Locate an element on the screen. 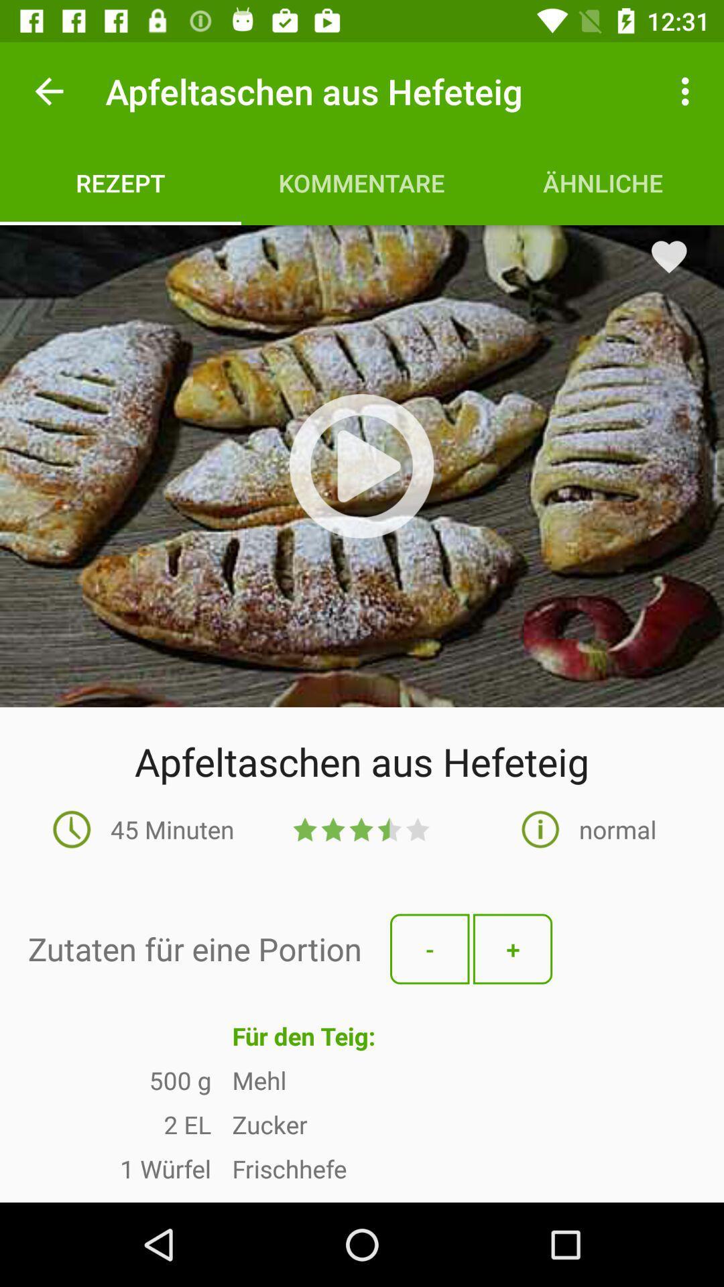 The width and height of the screenshot is (724, 1287). the favorite icon is located at coordinates (669, 257).